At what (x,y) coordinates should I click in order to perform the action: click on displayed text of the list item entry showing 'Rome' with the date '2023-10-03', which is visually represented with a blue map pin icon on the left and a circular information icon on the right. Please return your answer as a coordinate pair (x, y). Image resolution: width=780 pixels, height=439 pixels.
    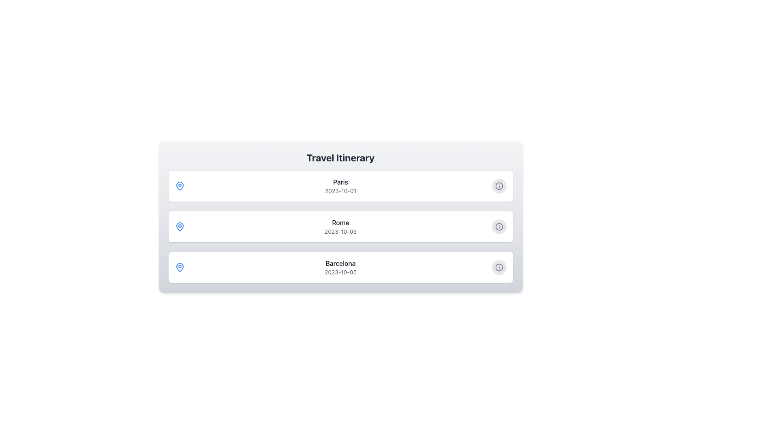
    Looking at the image, I should click on (340, 227).